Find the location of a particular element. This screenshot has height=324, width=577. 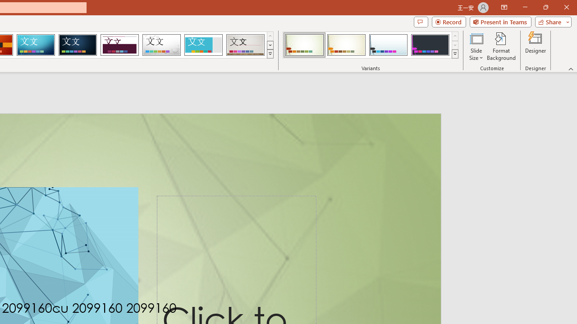

'Designer' is located at coordinates (536, 46).